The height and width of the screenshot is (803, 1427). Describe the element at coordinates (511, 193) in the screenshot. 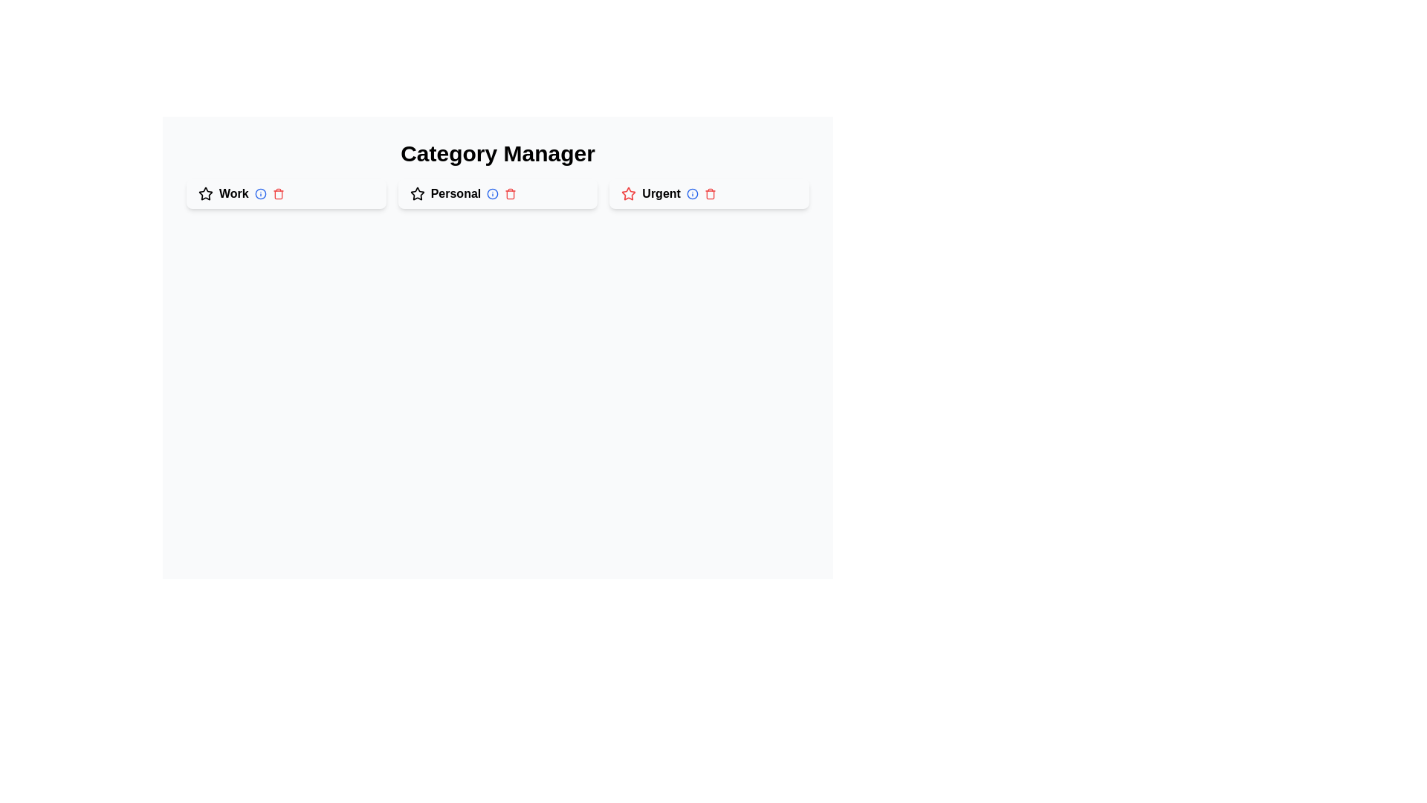

I see `delete button for the category labeled Personal` at that location.